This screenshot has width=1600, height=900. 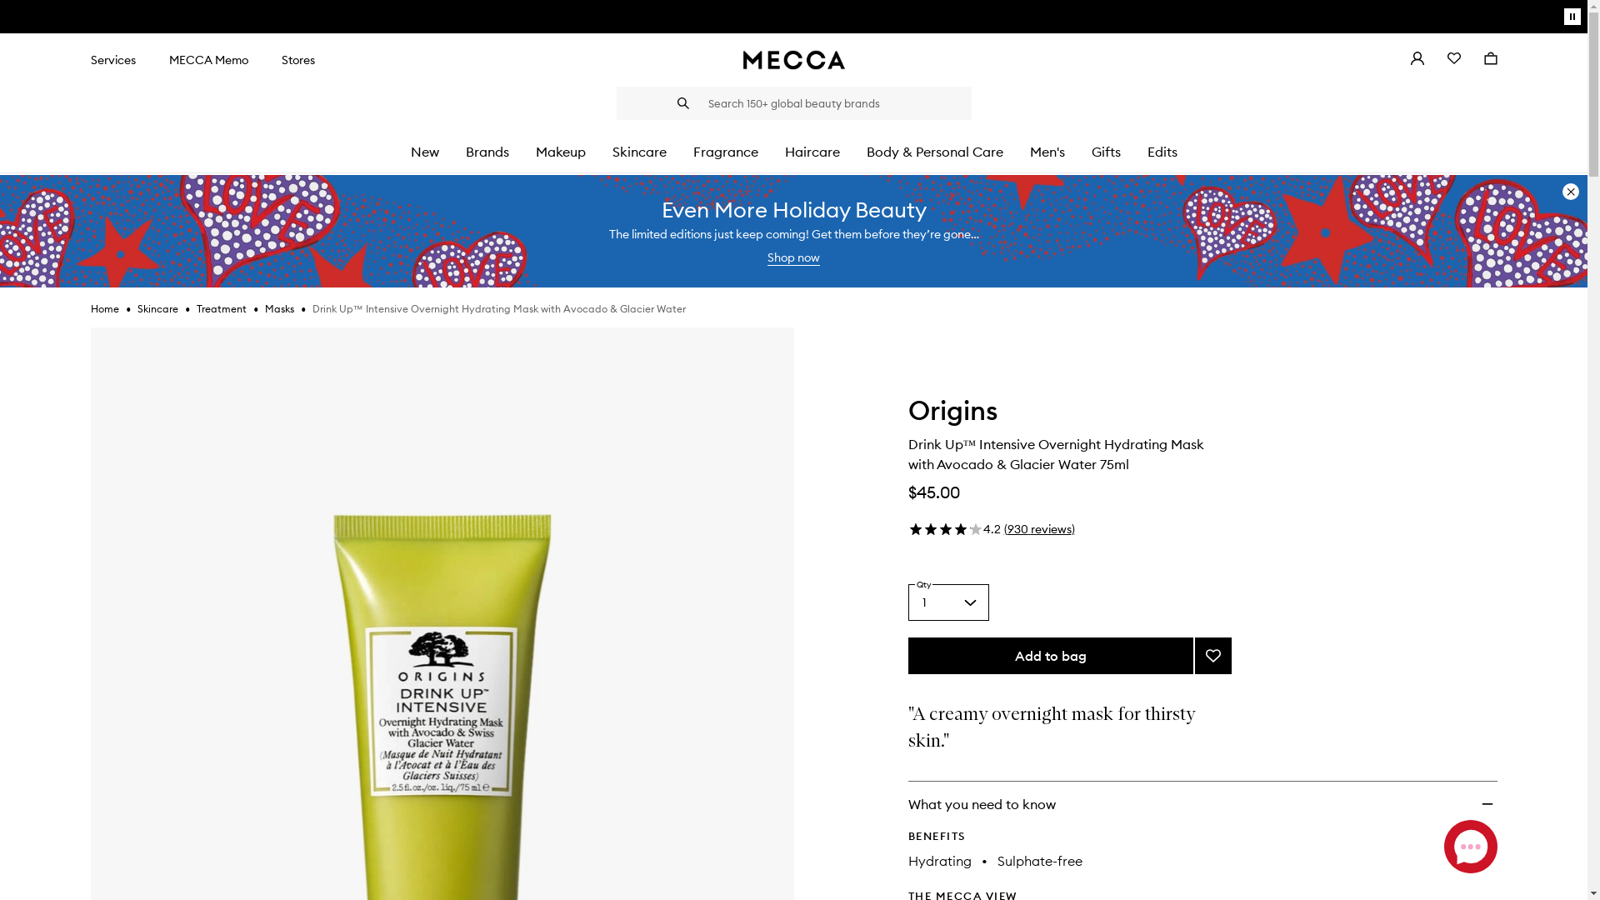 What do you see at coordinates (1490, 59) in the screenshot?
I see `'Bag'` at bounding box center [1490, 59].